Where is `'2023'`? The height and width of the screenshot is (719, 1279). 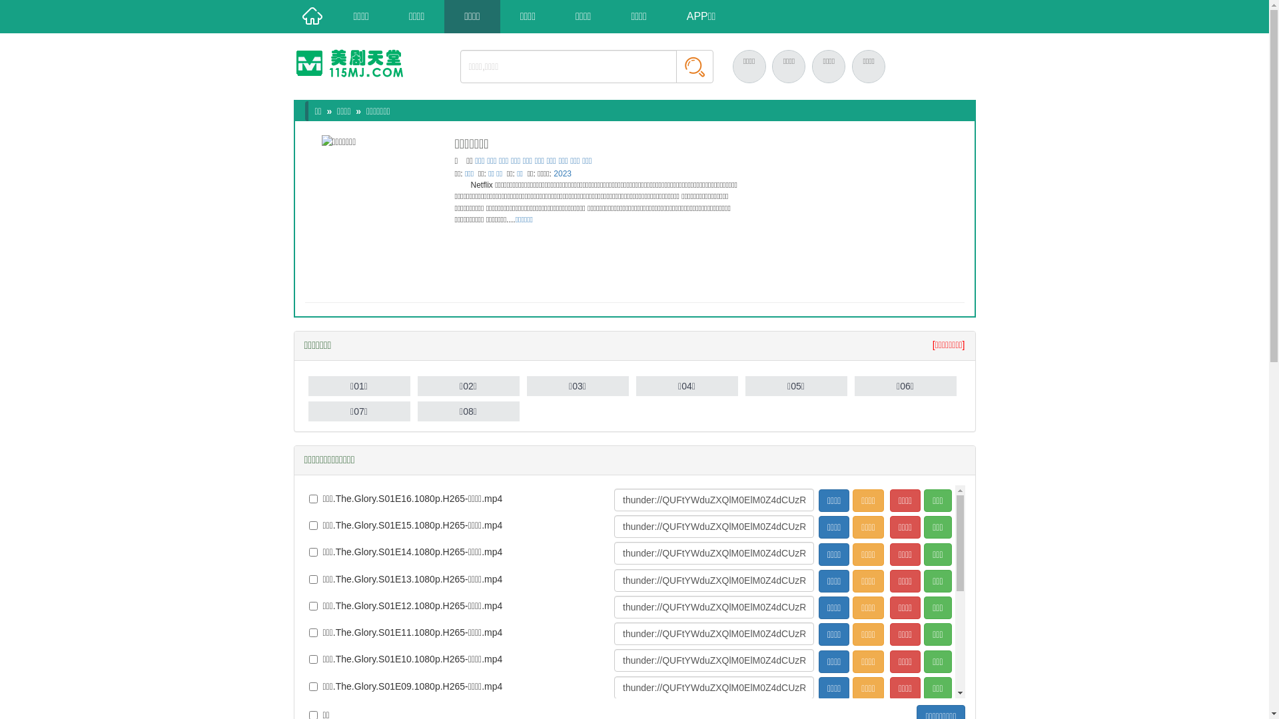 '2023' is located at coordinates (562, 173).